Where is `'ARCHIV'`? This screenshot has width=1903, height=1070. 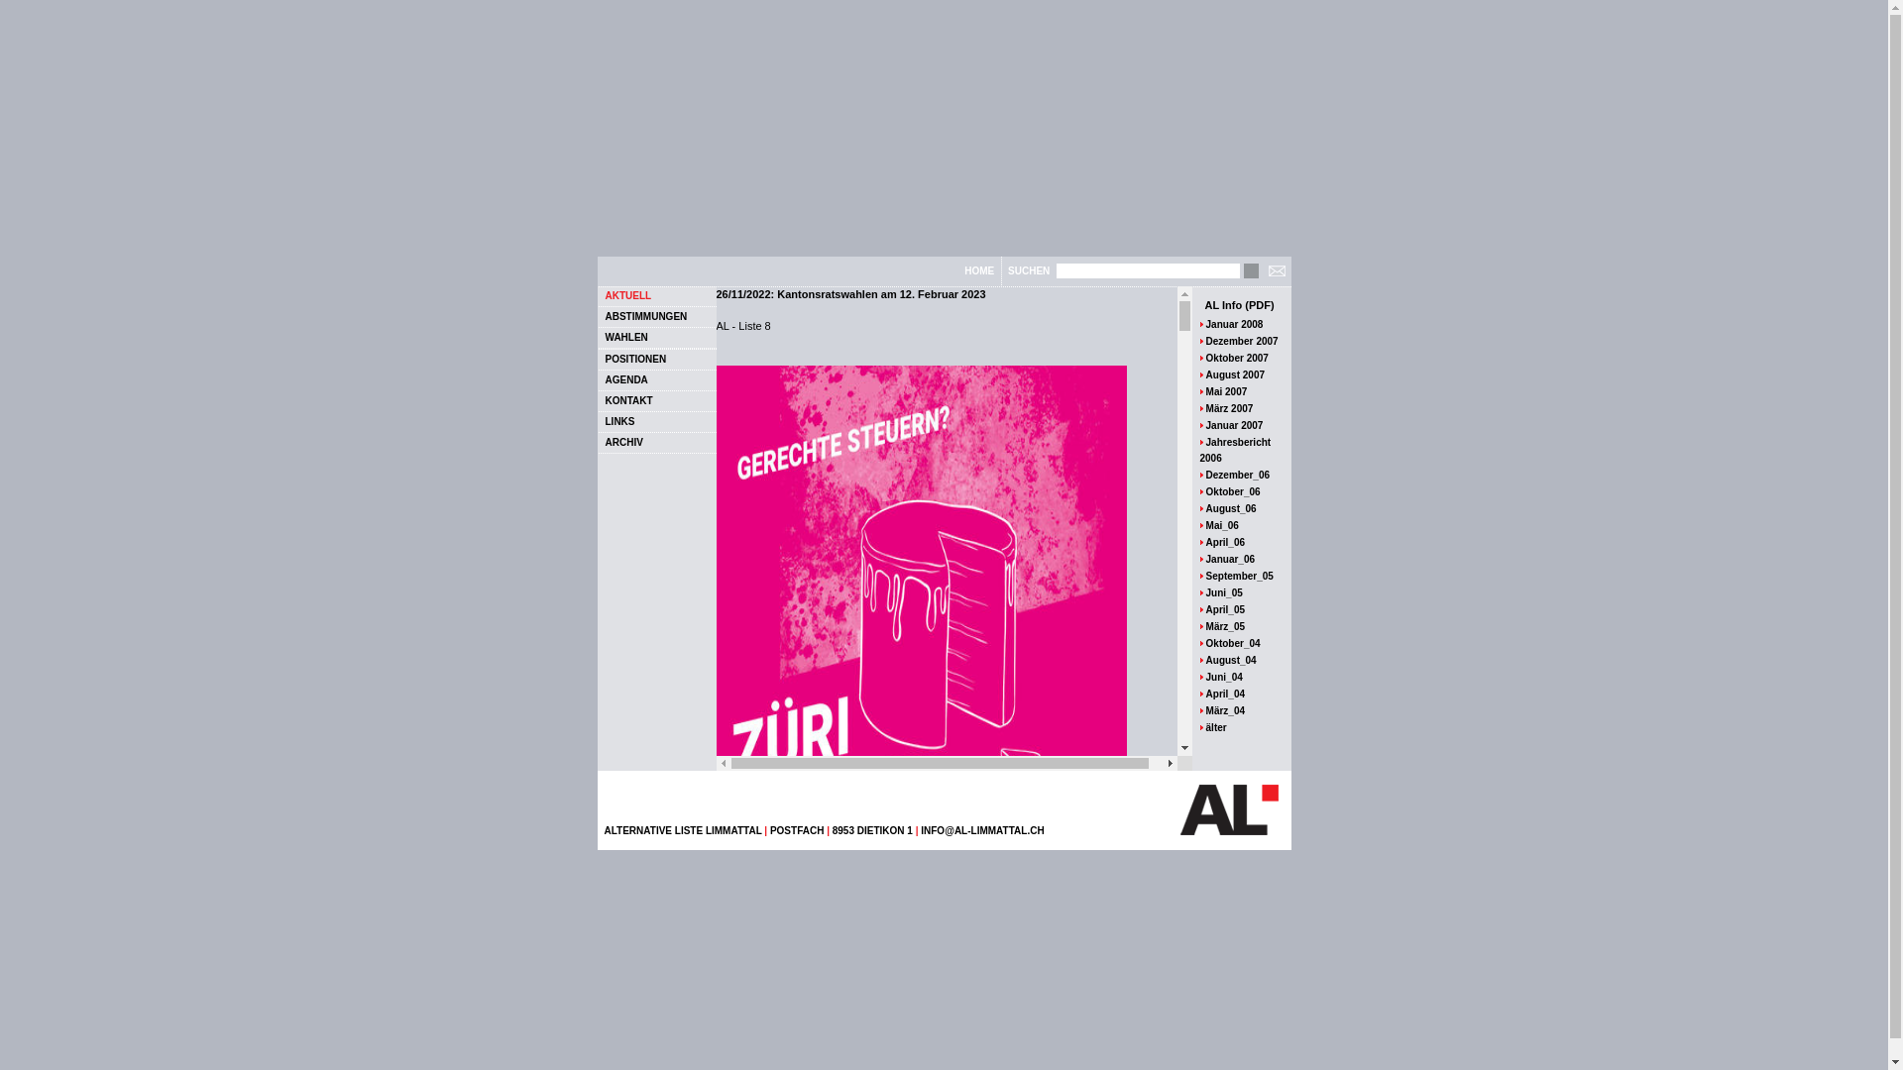 'ARCHIV' is located at coordinates (621, 440).